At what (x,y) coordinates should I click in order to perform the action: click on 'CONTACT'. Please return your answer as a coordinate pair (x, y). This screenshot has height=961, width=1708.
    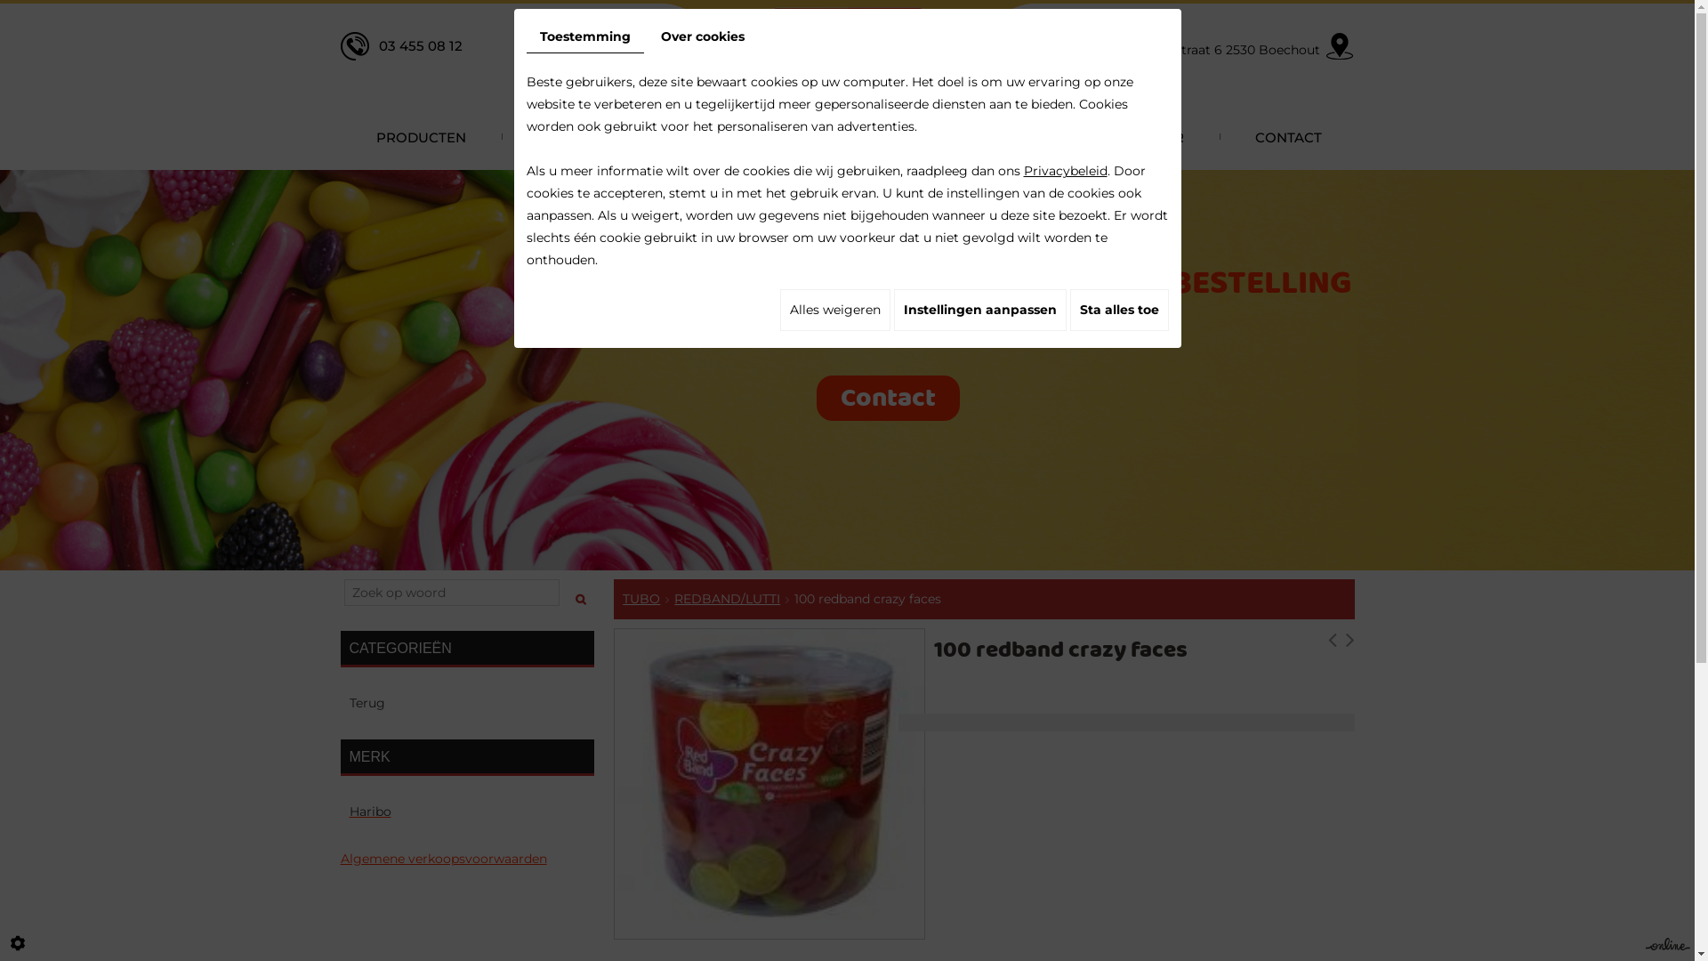
    Looking at the image, I should click on (1286, 135).